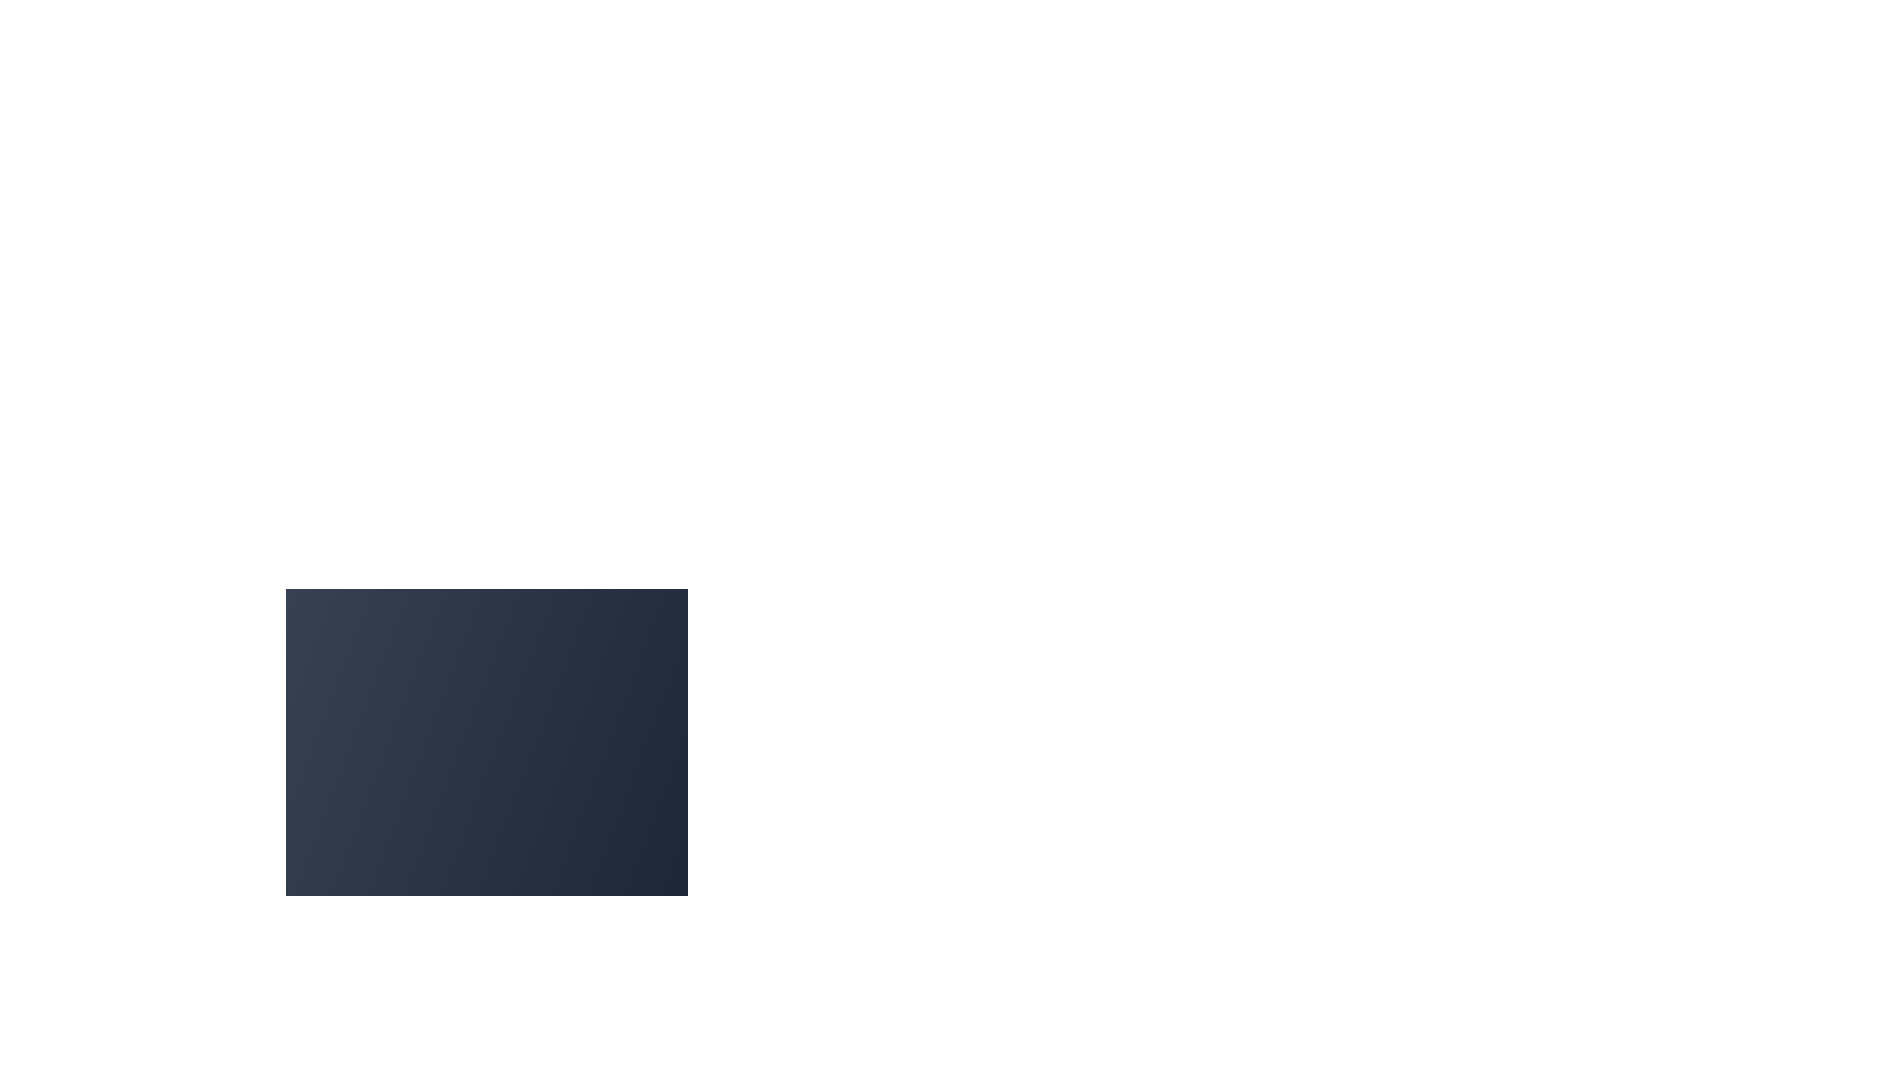  Describe the element at coordinates (341, 973) in the screenshot. I see `the alert icon of type success` at that location.